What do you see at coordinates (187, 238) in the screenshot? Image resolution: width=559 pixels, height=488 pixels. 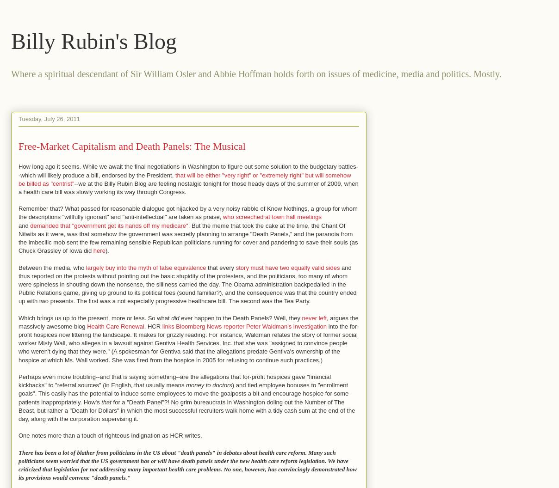 I see `'But the meme that took the cake at the time, the Chant Of Nitwits as it were, was that somehow the government was secretly planning to arrange "Death Panels," and the paranoia from the imbecilic mob sent the few remaining sensible Republican politicians running for cover and pandering to save their souls (as Chuck Grassley of Iowa did'` at bounding box center [187, 238].